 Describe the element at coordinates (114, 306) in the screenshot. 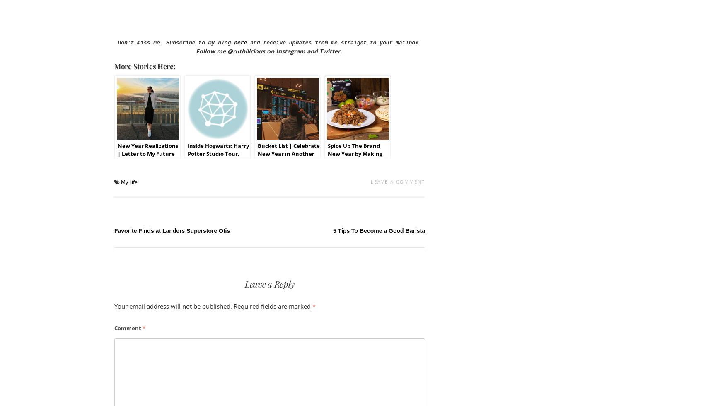

I see `'Your email address will not be published.'` at that location.